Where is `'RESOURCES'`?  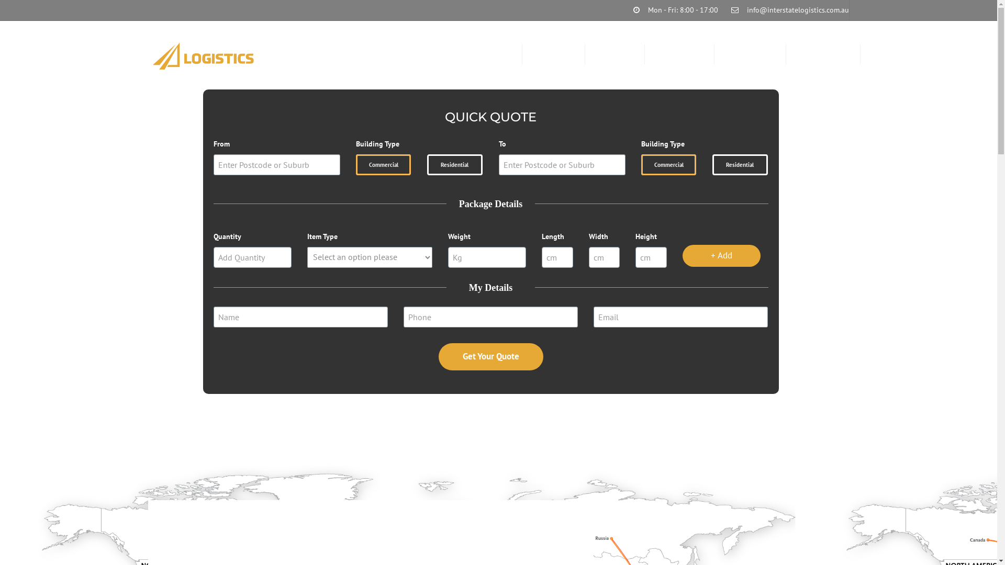
'RESOURCES' is located at coordinates (679, 54).